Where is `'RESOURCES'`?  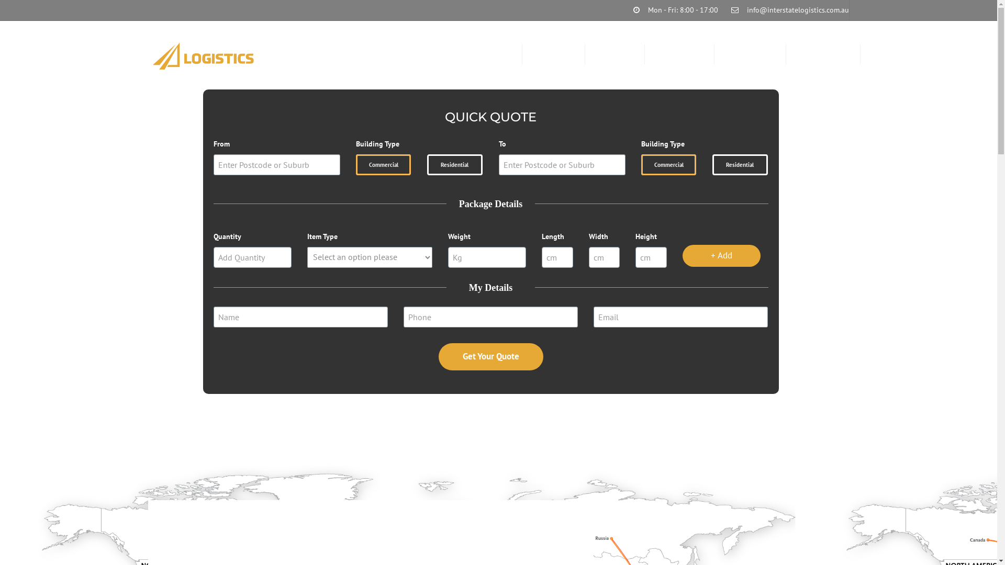
'RESOURCES' is located at coordinates (679, 54).